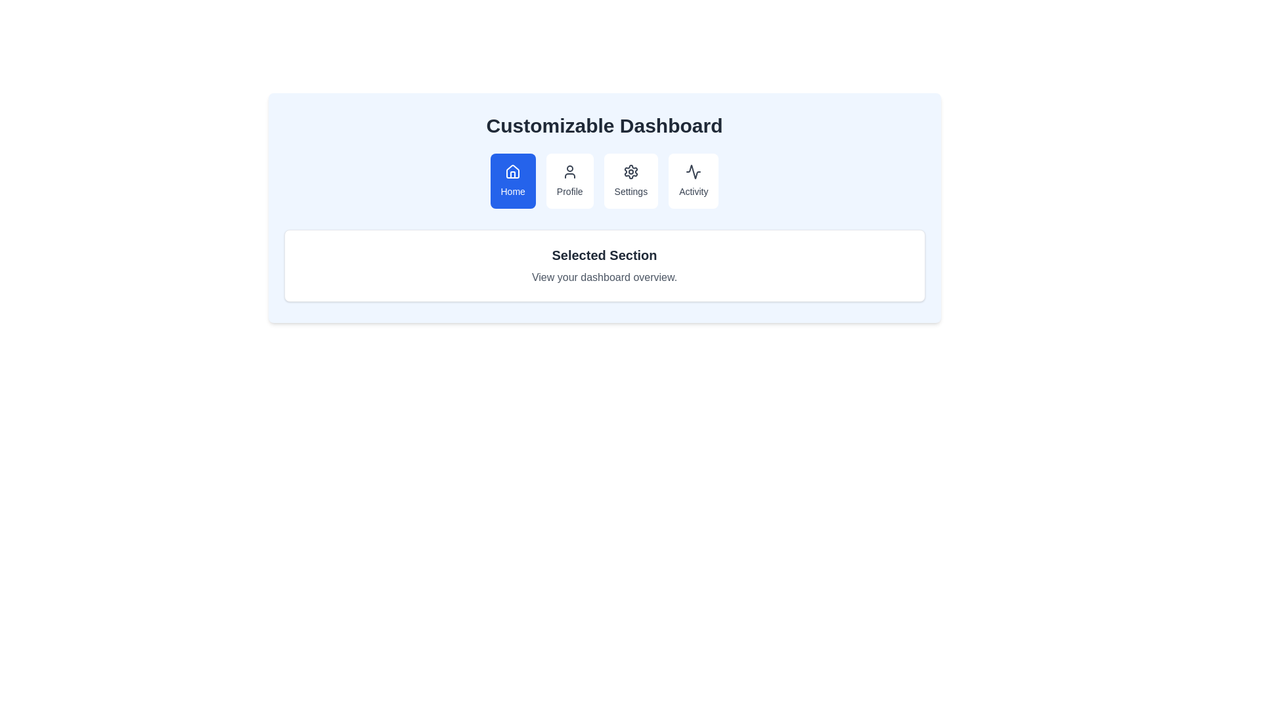 This screenshot has height=709, width=1261. What do you see at coordinates (693, 192) in the screenshot?
I see `descriptive text label located below the activity icon on the rightmost card in the dashboard section for context` at bounding box center [693, 192].